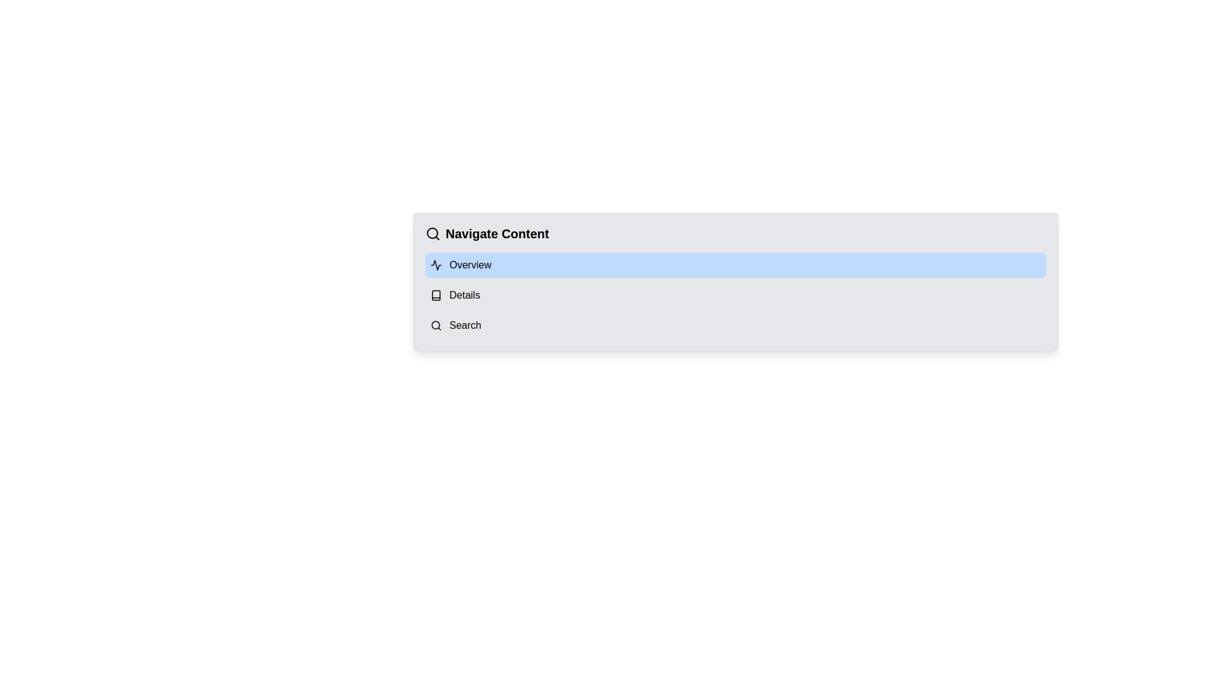 The width and height of the screenshot is (1207, 679). What do you see at coordinates (464, 295) in the screenshot?
I see `the 'Details' Text Label located as the second item under the 'Navigate Content' header` at bounding box center [464, 295].